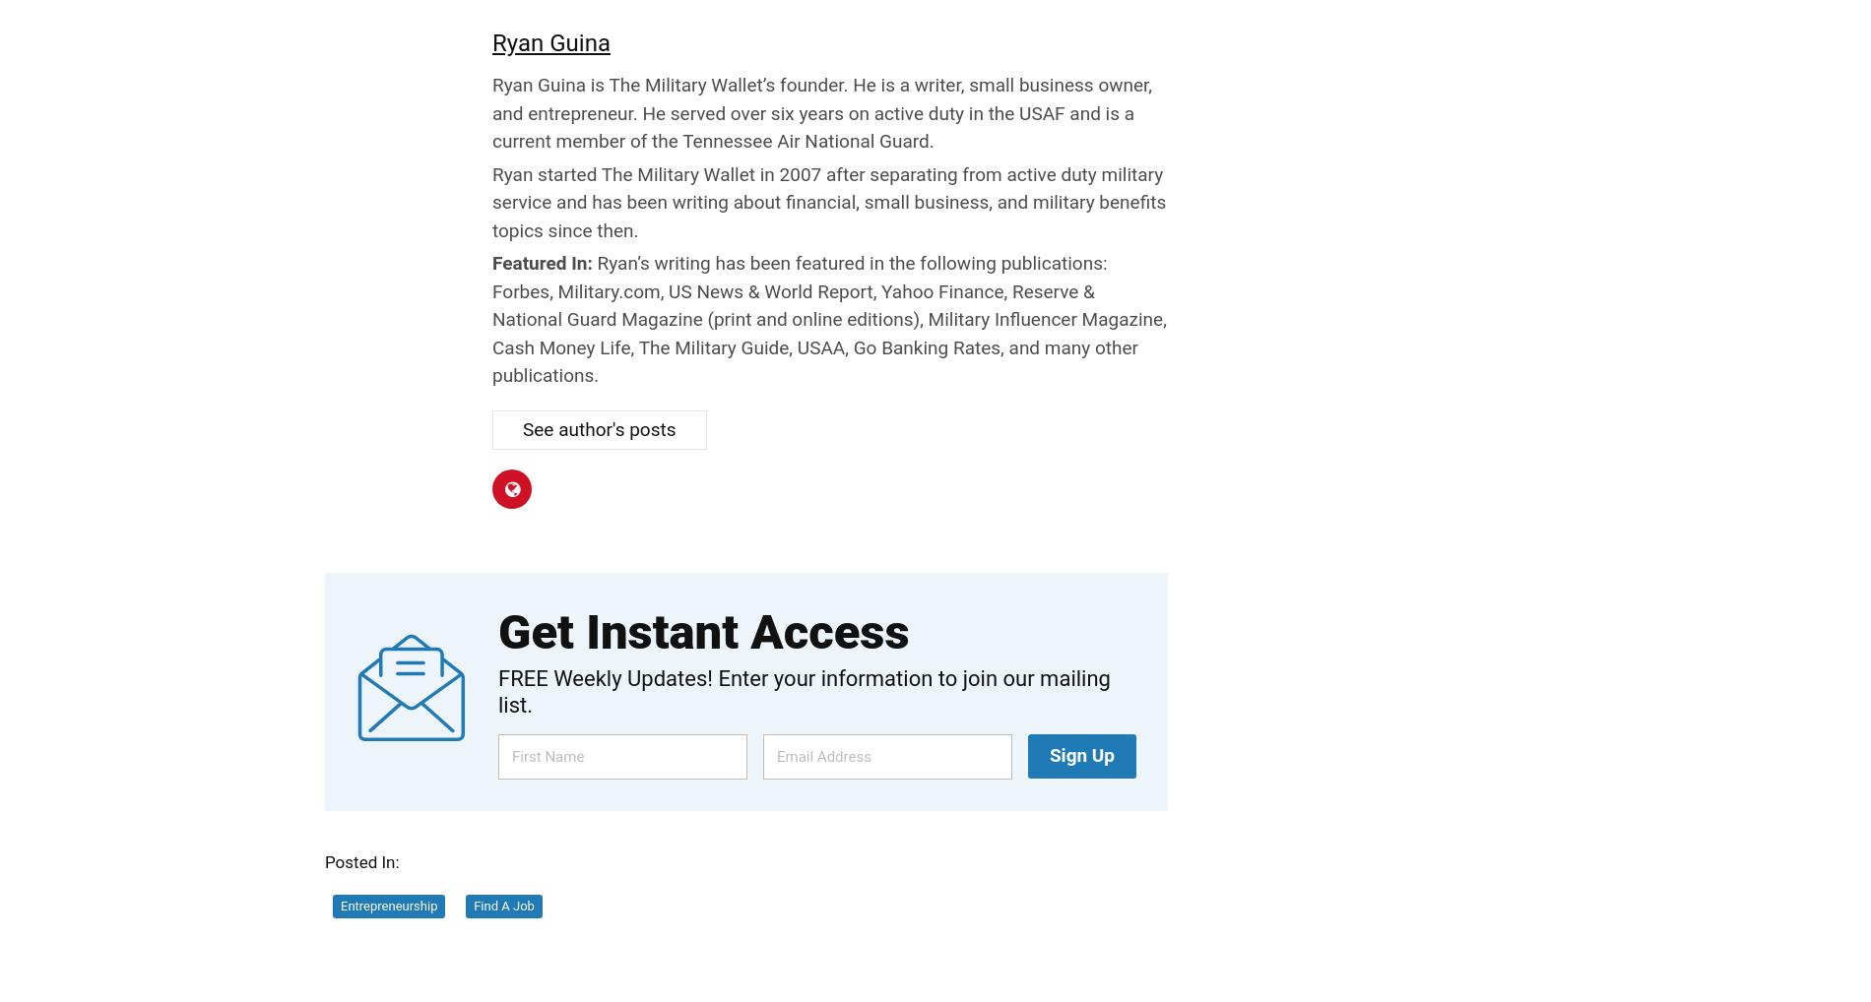  I want to click on 'Ryan started The Military Wallet in 2007 after separating from active duty military service and has been writing about financial, small business, and military benefits topics since then.', so click(492, 201).